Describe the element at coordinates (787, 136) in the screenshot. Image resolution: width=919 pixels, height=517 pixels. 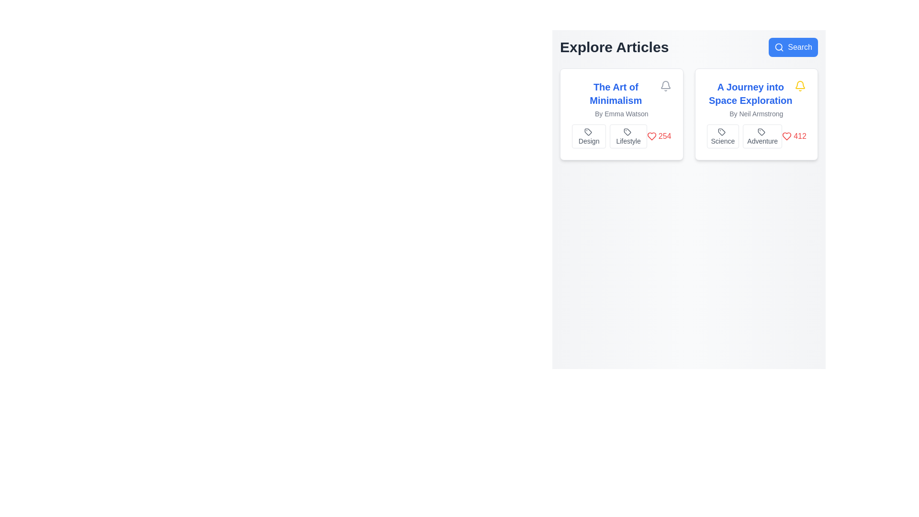
I see `the heart icon outlined in red, located next to the text '412' within the card titled 'A Journey into Space Exploration'` at that location.